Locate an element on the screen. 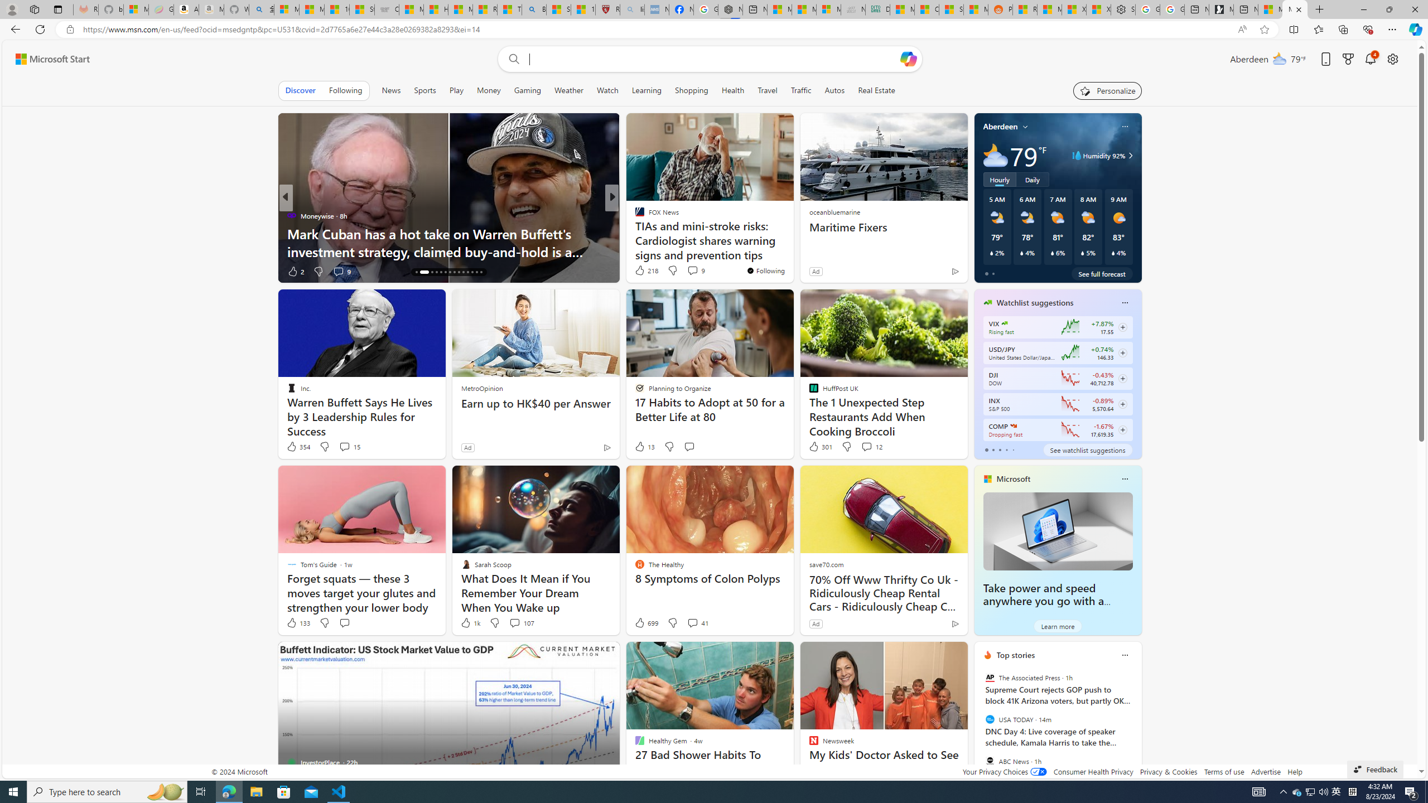 This screenshot has width=1428, height=803. '419 Like' is located at coordinates (642, 271).